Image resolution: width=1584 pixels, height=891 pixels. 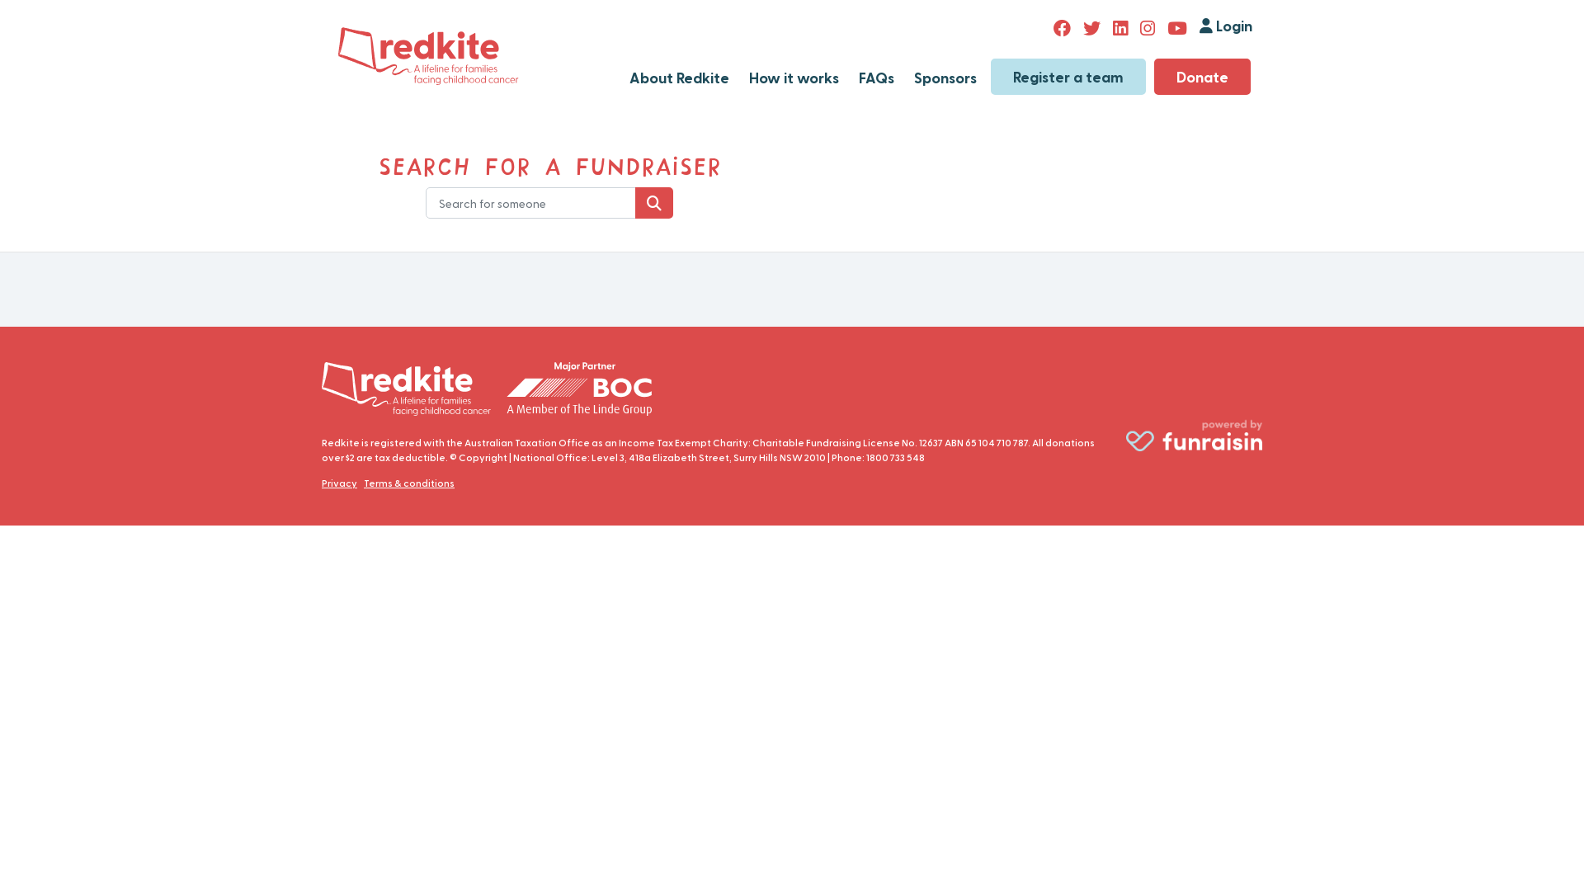 I want to click on 'conditions', so click(x=427, y=483).